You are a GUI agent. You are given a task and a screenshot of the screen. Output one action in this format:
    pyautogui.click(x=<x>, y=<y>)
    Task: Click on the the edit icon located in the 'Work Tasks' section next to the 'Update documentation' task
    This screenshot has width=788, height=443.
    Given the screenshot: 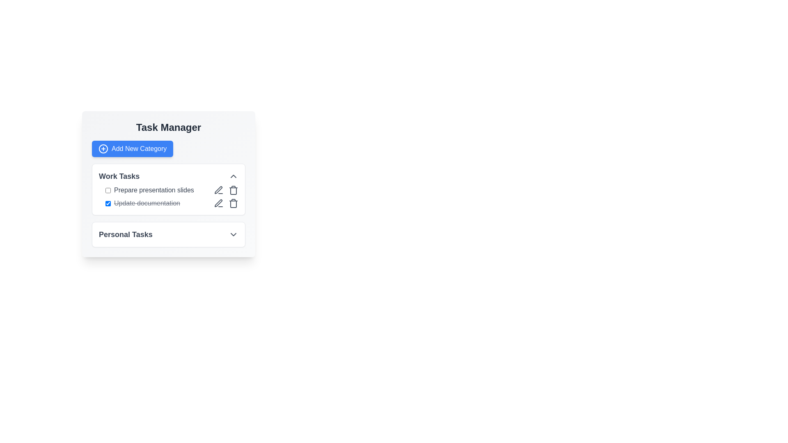 What is the action you would take?
    pyautogui.click(x=218, y=190)
    